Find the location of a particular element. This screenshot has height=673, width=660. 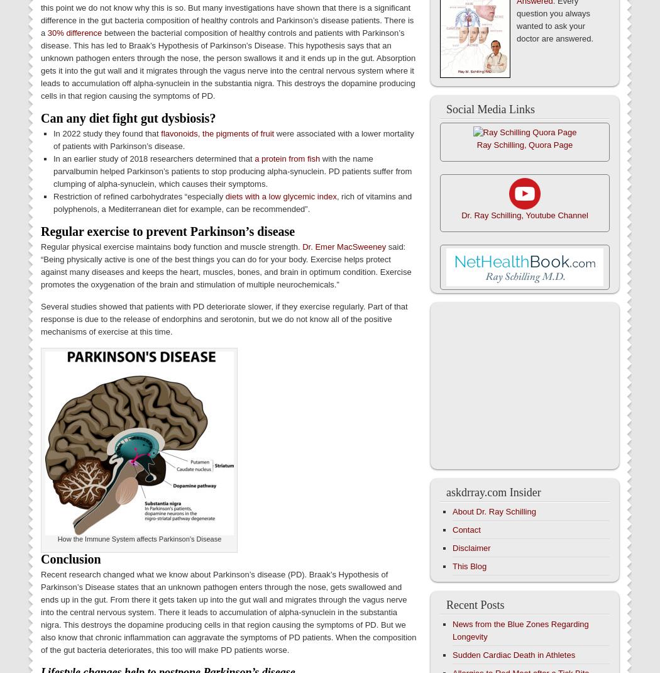

'In 2022 study they found that' is located at coordinates (107, 133).